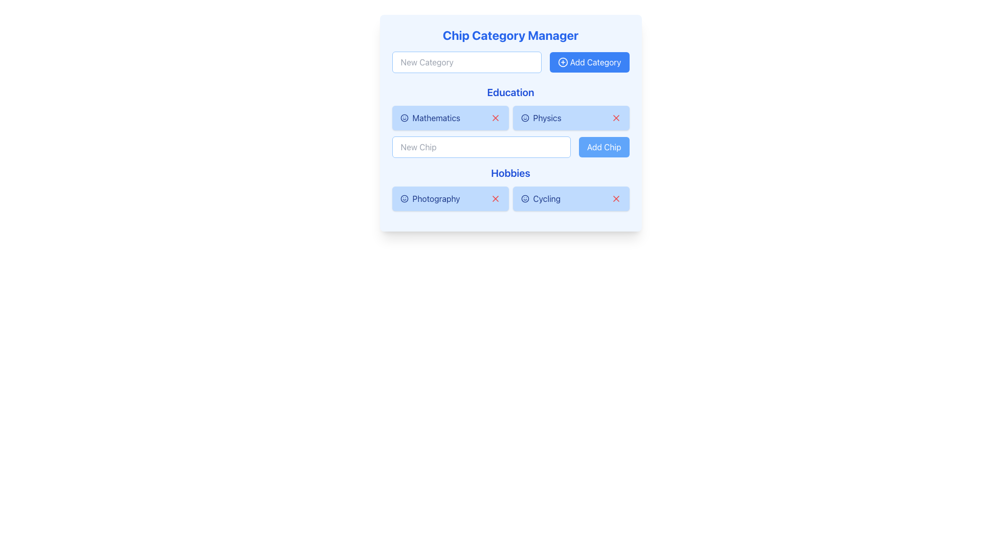 The width and height of the screenshot is (982, 552). What do you see at coordinates (615, 199) in the screenshot?
I see `the delete icon positioned at the bottom-right corner of the 'Cycling' card under the 'Hobbies' section` at bounding box center [615, 199].